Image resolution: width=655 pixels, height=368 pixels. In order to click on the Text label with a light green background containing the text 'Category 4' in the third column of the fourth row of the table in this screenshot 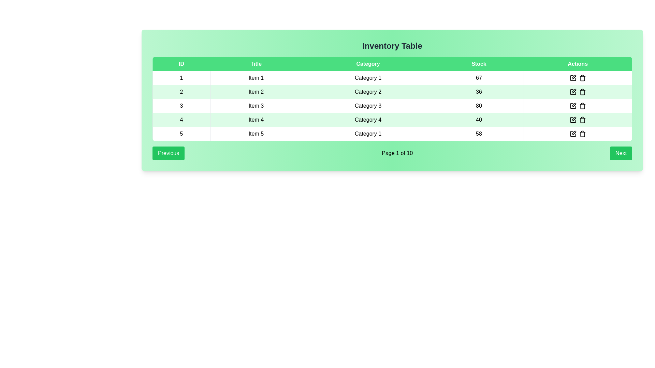, I will do `click(368, 119)`.